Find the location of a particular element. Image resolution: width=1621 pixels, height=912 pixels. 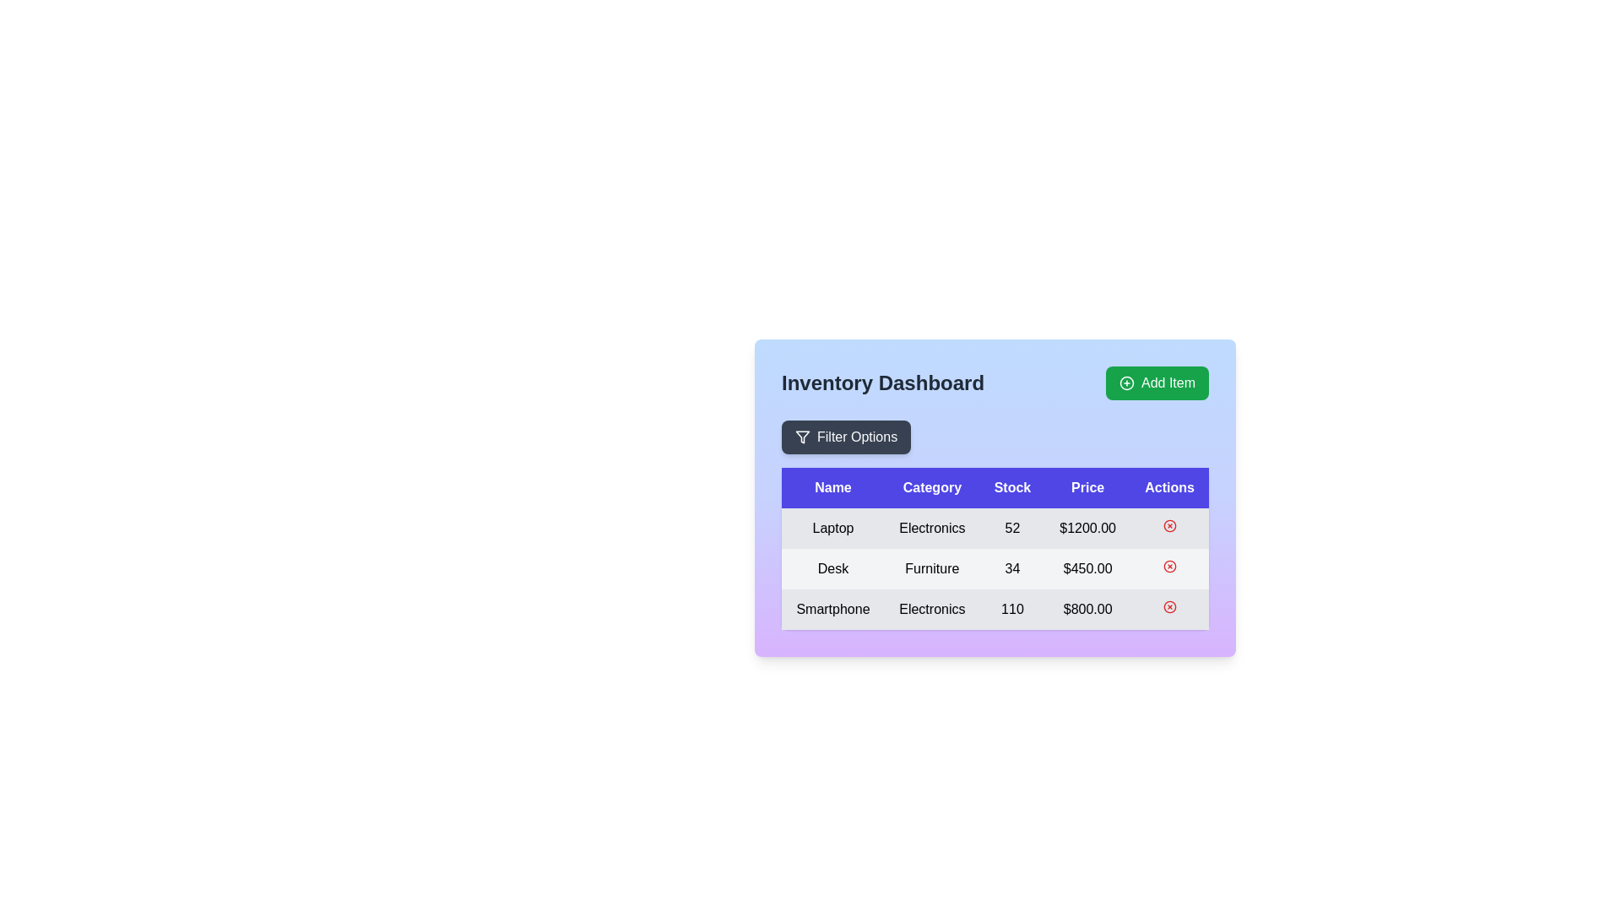

the text snippet displaying the number '34' in black font, which is part of the 'Stock' column for the 'Desk' item in the 'Furniture' category is located at coordinates (1012, 569).